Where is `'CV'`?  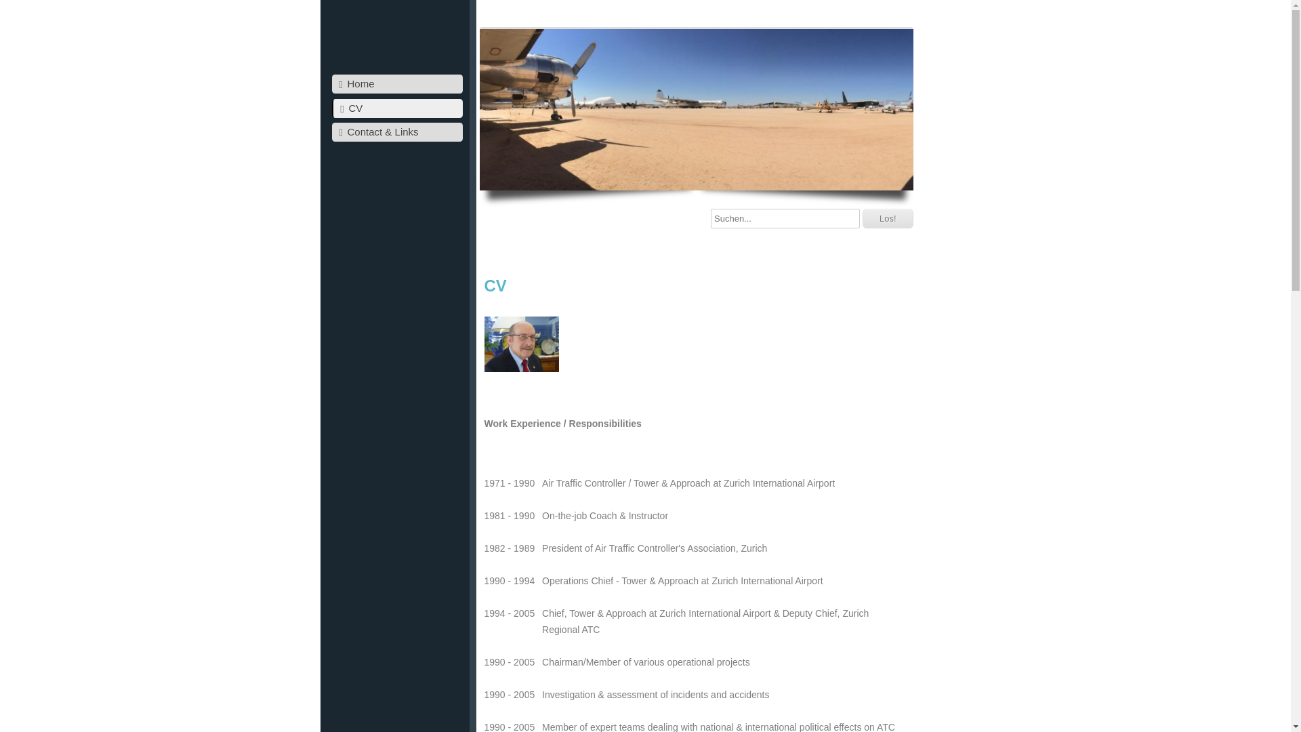
'CV' is located at coordinates (396, 107).